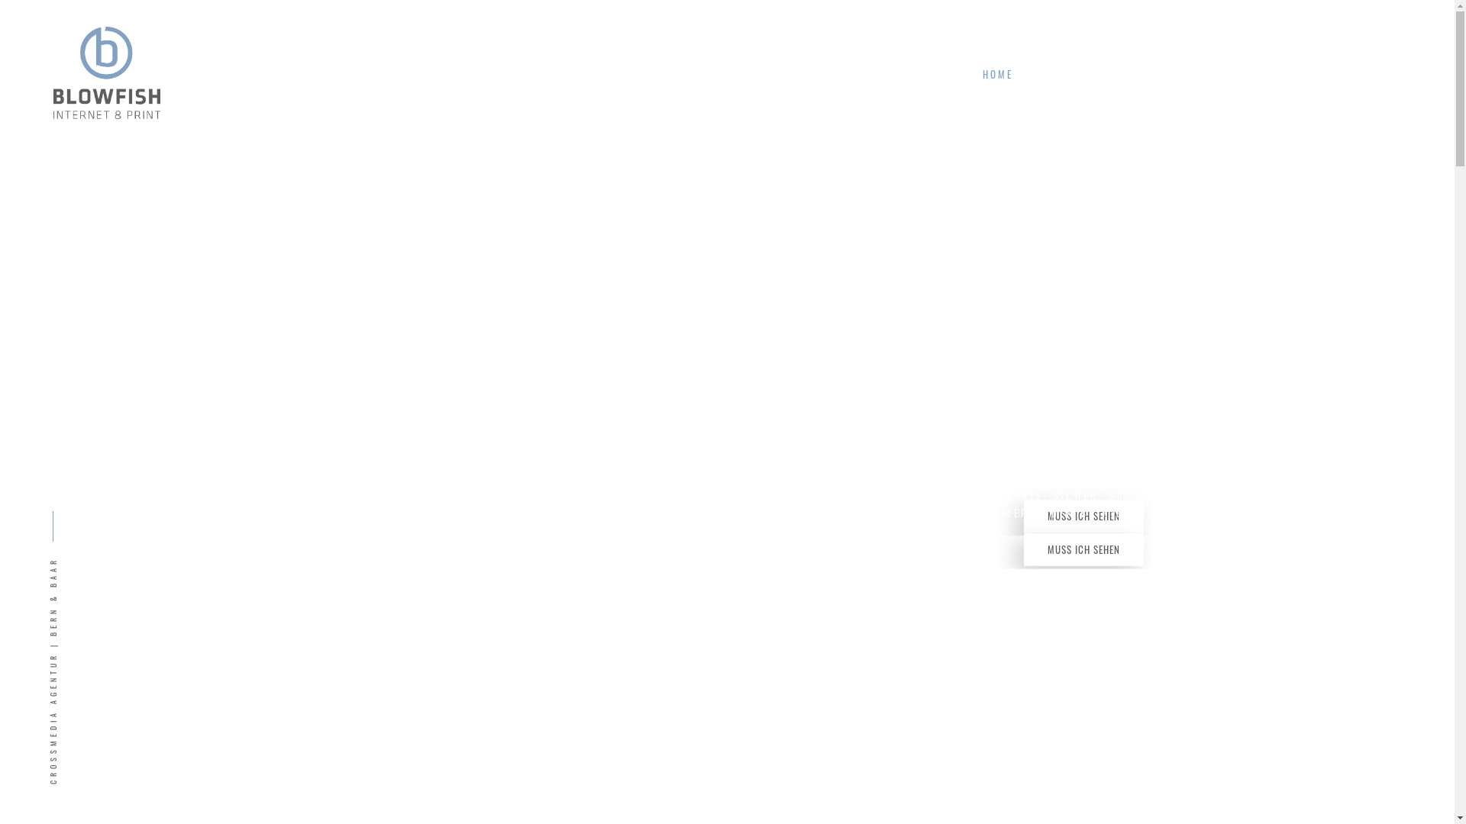 The height and width of the screenshot is (824, 1466). I want to click on 'HALLO!', so click(1253, 74).